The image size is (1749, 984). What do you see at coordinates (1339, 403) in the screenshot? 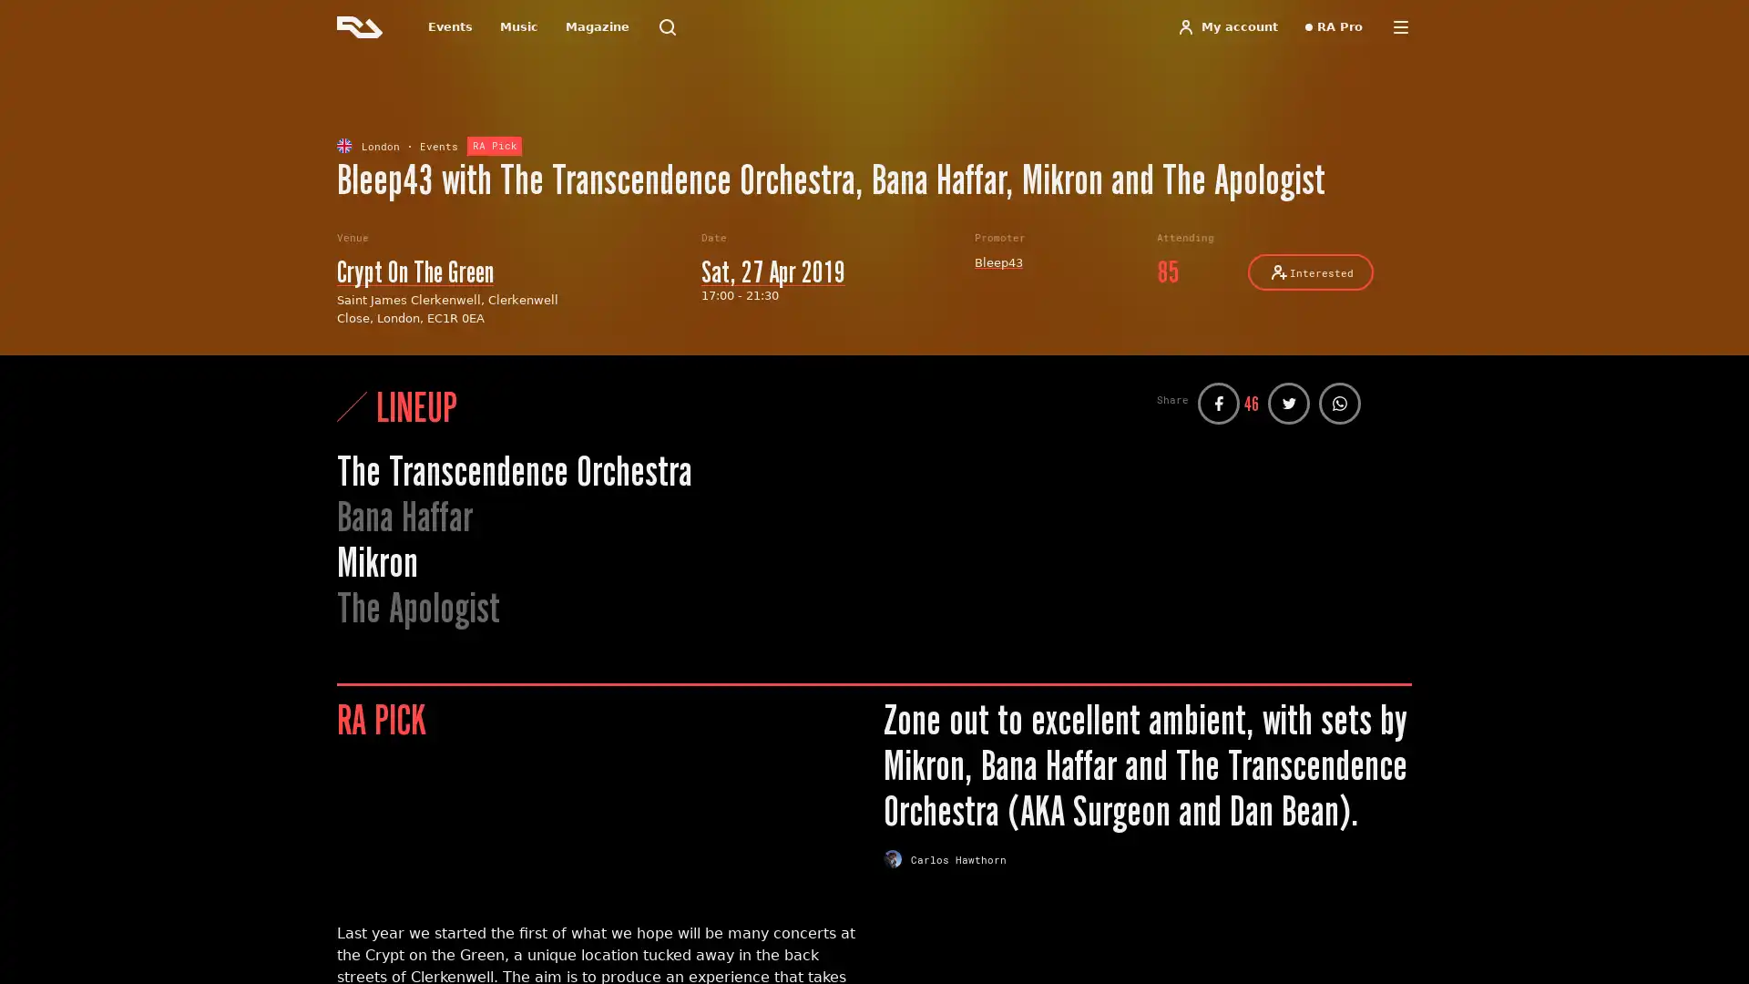
I see `whatsapp` at bounding box center [1339, 403].